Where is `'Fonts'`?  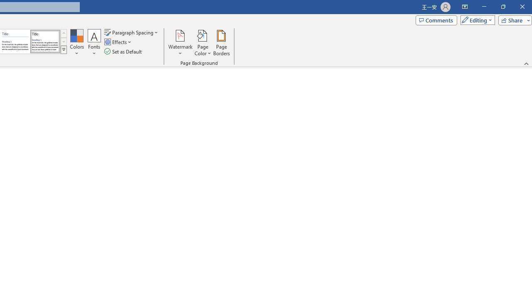 'Fonts' is located at coordinates (94, 43).